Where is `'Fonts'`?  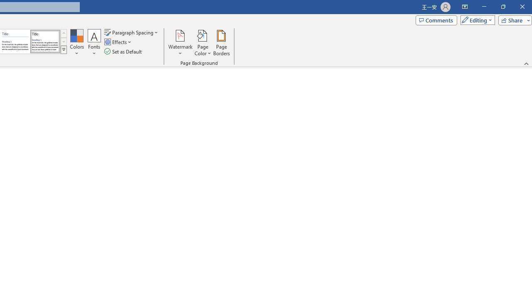 'Fonts' is located at coordinates (94, 43).